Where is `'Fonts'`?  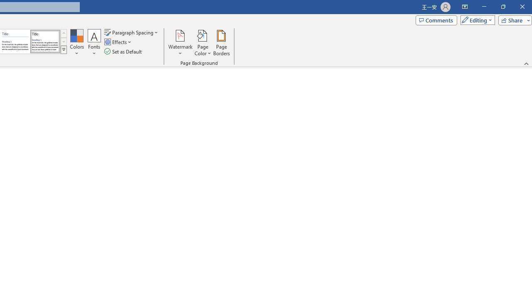 'Fonts' is located at coordinates (94, 43).